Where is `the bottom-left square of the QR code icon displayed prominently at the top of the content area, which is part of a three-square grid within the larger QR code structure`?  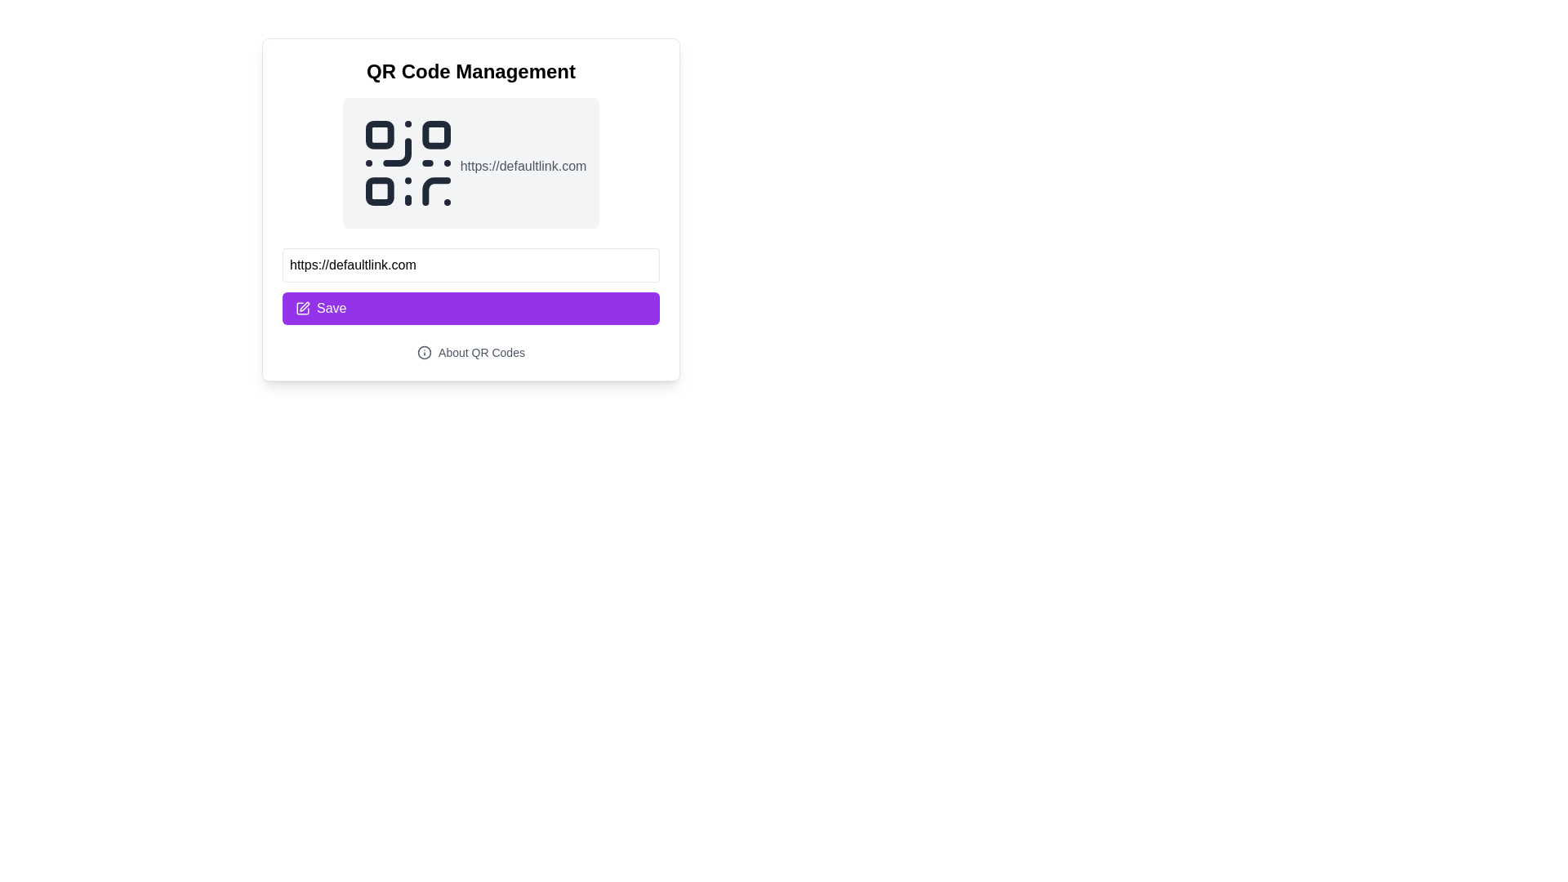 the bottom-left square of the QR code icon displayed prominently at the top of the content area, which is part of a three-square grid within the larger QR code structure is located at coordinates (379, 190).